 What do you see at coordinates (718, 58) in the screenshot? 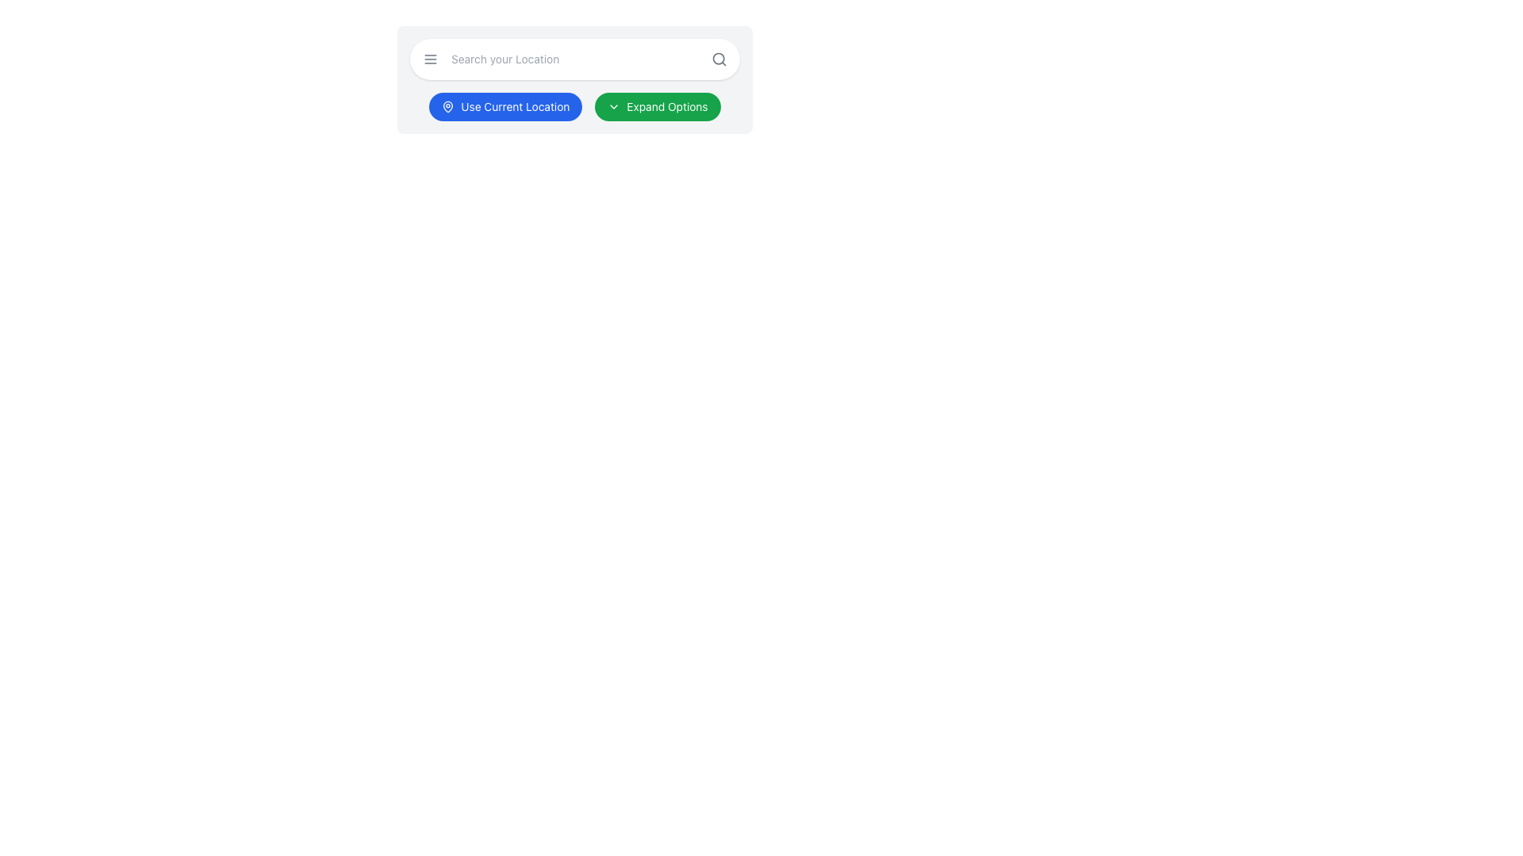
I see `the SVG circle located at the center of the search icon within the search bar, positioned on the right side of the input field` at bounding box center [718, 58].